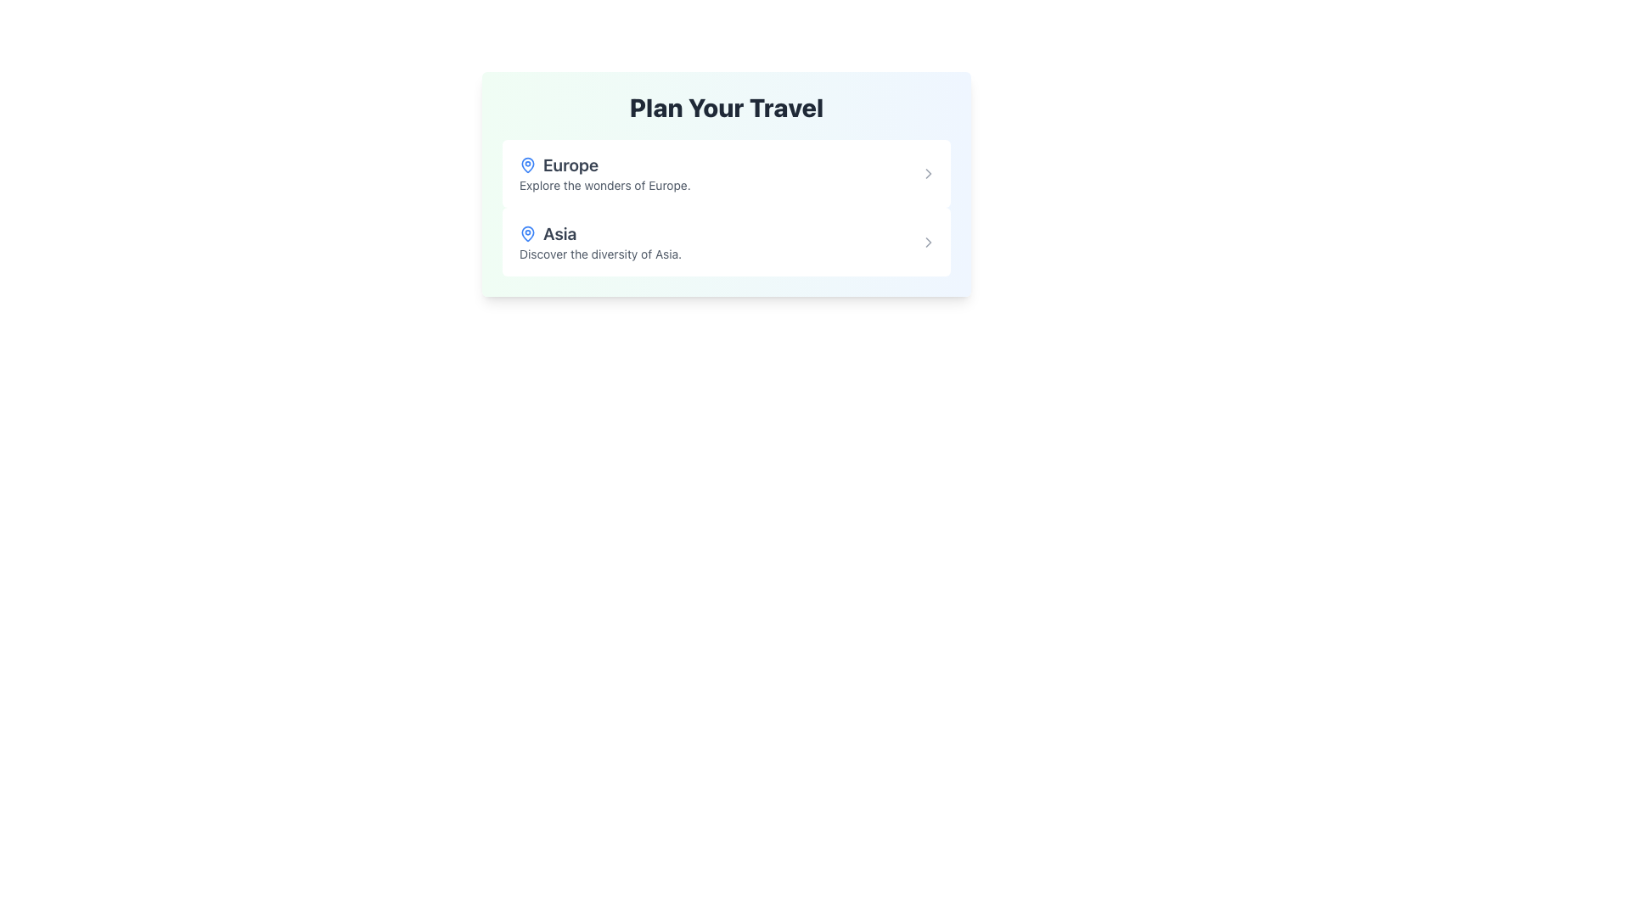 The height and width of the screenshot is (916, 1630). What do you see at coordinates (726, 242) in the screenshot?
I see `the second navigation card labeled 'Asia' in the 'Plan Your Travel' section` at bounding box center [726, 242].